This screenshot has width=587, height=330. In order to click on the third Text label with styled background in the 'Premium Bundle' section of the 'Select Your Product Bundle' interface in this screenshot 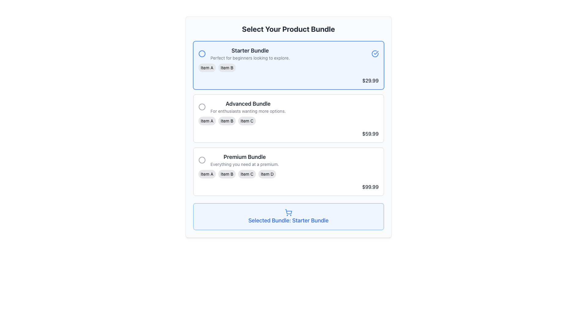, I will do `click(247, 174)`.